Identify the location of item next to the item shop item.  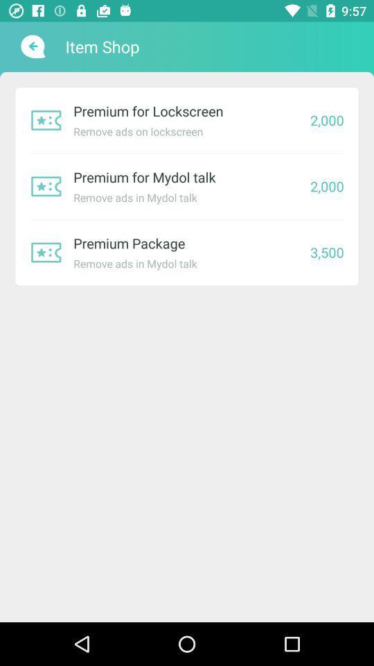
(31, 46).